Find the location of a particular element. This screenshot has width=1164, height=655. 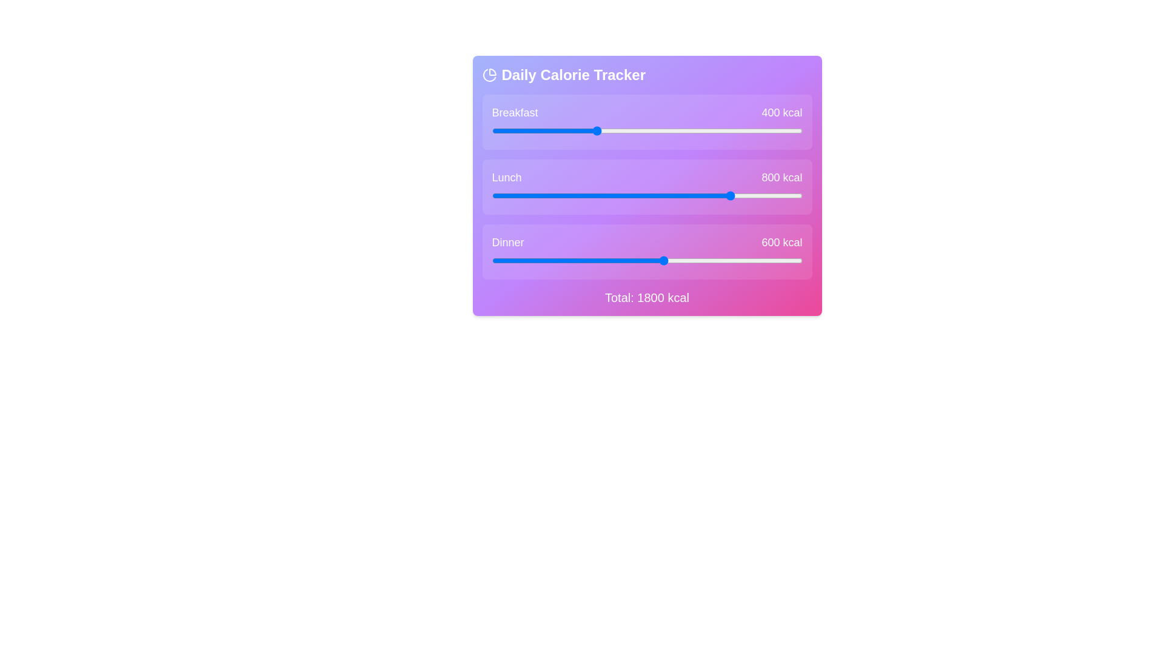

the dinner calorie slider is located at coordinates (695, 260).